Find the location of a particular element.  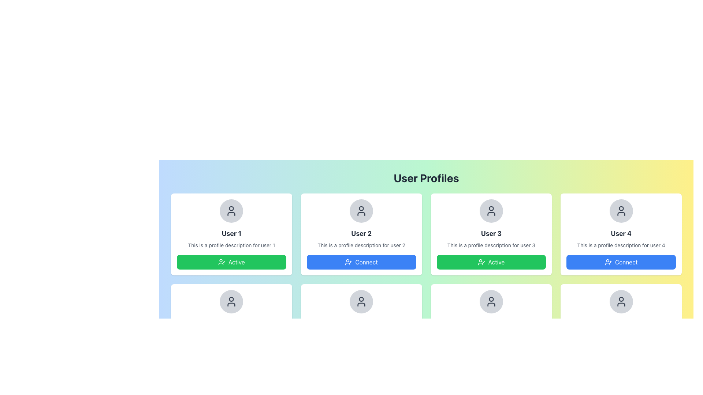

text displayed in the bold, large font of the Text Label that shows 'User 3' in the third user profile card at the specified coordinates is located at coordinates (491, 234).